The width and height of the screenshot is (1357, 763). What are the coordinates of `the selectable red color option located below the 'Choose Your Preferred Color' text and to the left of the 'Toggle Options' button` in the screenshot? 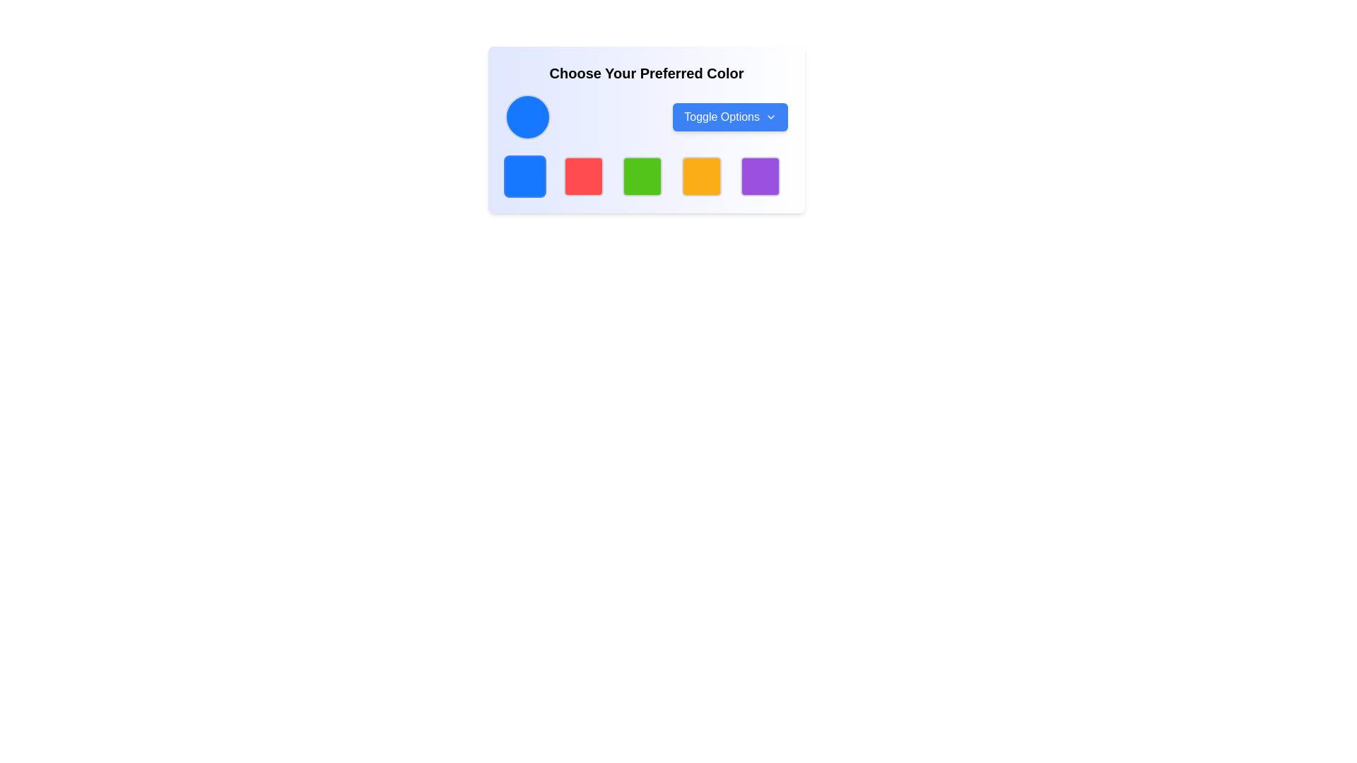 It's located at (584, 176).